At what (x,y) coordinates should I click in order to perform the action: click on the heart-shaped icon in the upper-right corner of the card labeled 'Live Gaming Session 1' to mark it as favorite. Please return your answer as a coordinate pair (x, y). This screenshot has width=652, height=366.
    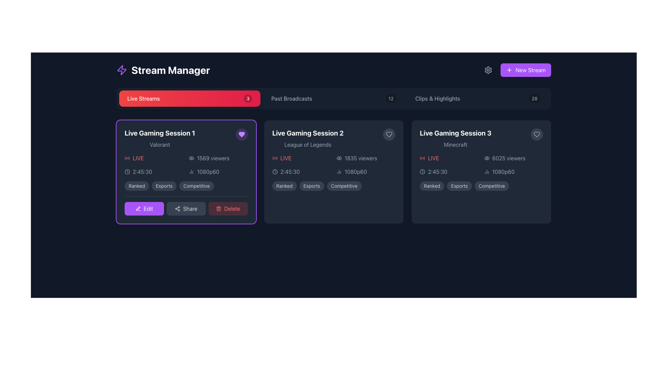
    Looking at the image, I should click on (536, 135).